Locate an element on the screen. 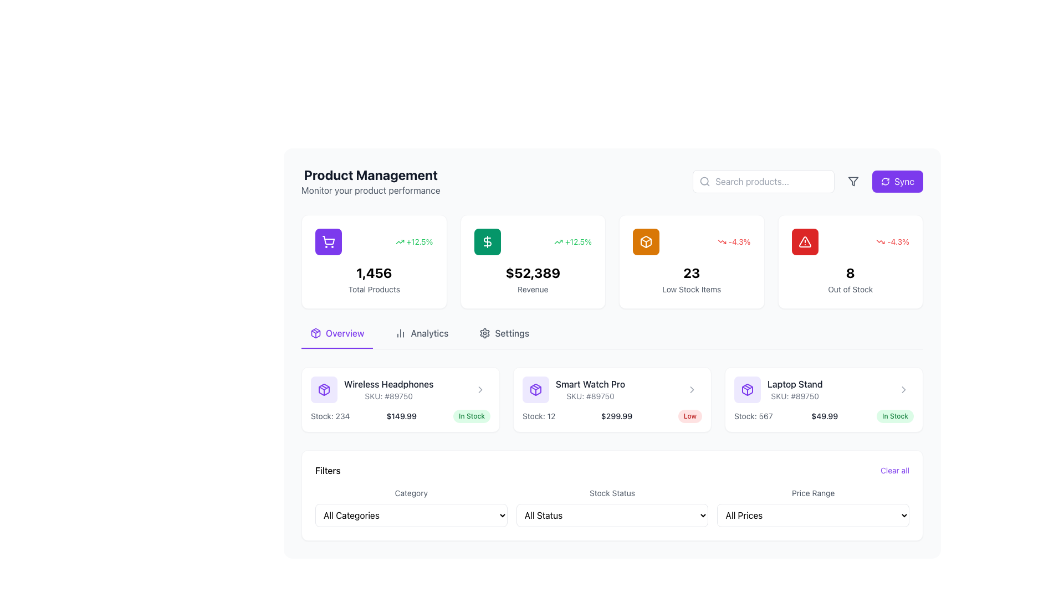 This screenshot has width=1064, height=598. the central dropdown menu in the 'Filters' section, which allows users to select a stock status category such as 'All Status,' 'In Stock,' 'Low Stock,' or 'Out of Stock.' is located at coordinates (611, 506).